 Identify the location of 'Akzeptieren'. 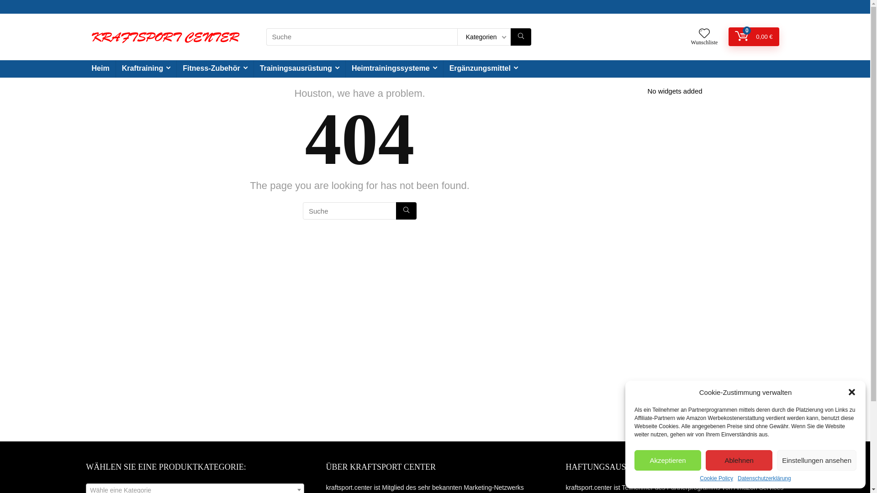
(668, 460).